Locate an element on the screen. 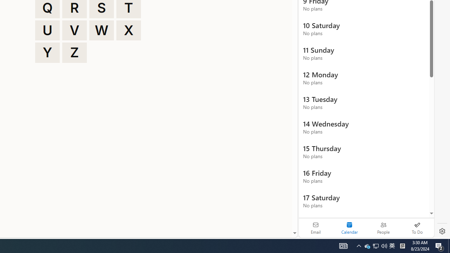 The height and width of the screenshot is (253, 450). 'Settings' is located at coordinates (442, 231).